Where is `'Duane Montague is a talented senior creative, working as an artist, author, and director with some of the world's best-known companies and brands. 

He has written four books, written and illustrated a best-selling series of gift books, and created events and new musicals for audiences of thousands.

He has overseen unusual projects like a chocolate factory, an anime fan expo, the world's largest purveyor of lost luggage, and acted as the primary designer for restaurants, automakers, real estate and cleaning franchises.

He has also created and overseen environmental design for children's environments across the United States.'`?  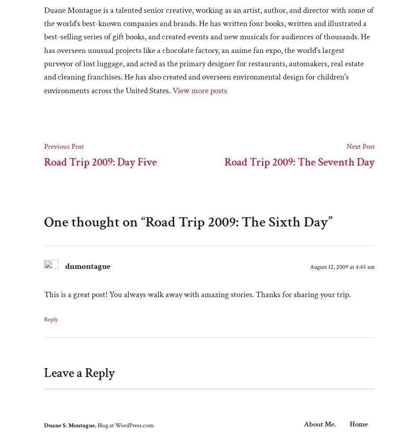
'Duane Montague is a talented senior creative, working as an artist, author, and director with some of the world's best-known companies and brands. 

He has written four books, written and illustrated a best-selling series of gift books, and created events and new musicals for audiences of thousands.

He has overseen unusual projects like a chocolate factory, an anime fan expo, the world's largest purveyor of lost luggage, and acted as the primary designer for restaurants, automakers, real estate and cleaning franchises.

He has also created and overseen environmental design for children's environments across the United States.' is located at coordinates (208, 50).